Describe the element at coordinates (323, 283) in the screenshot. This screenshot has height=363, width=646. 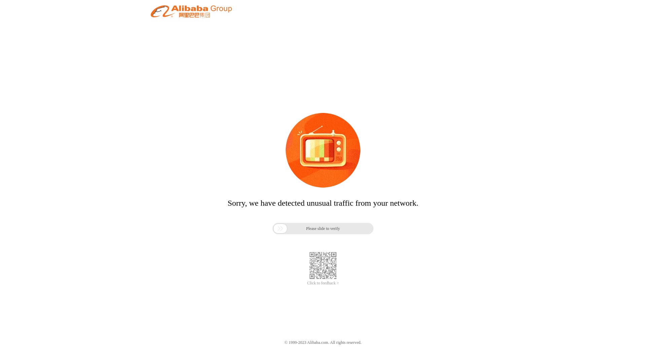
I see `'Click to feedback >'` at that location.